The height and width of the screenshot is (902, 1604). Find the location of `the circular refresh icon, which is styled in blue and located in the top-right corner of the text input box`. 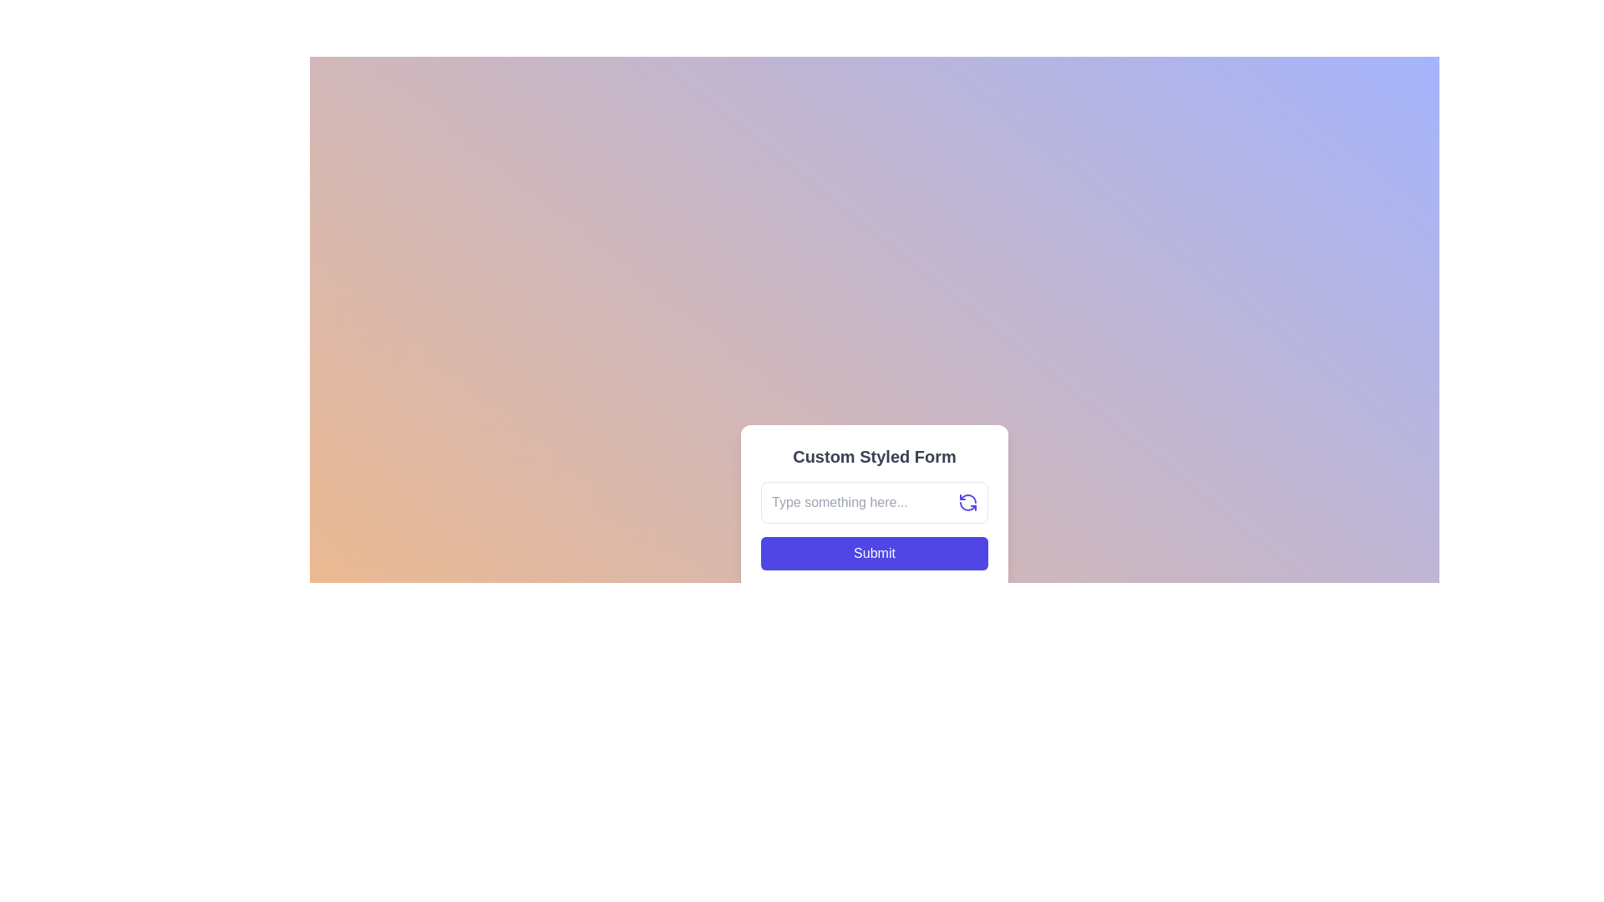

the circular refresh icon, which is styled in blue and located in the top-right corner of the text input box is located at coordinates (967, 501).